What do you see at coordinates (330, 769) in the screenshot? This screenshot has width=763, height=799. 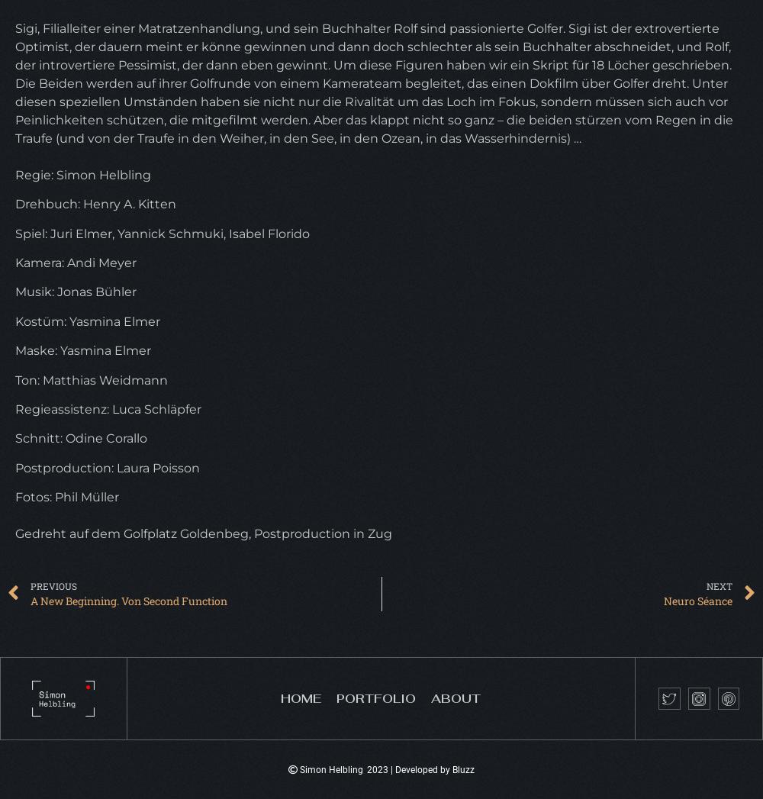 I see `'Simon Helbling'` at bounding box center [330, 769].